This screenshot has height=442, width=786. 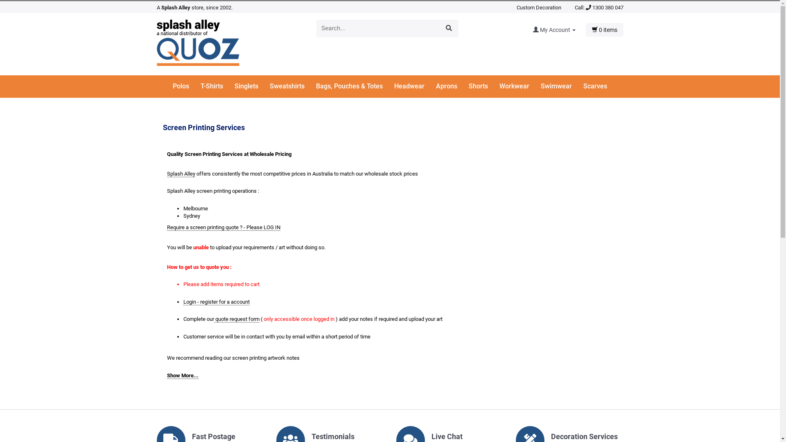 I want to click on 'Shorts', so click(x=483, y=86).